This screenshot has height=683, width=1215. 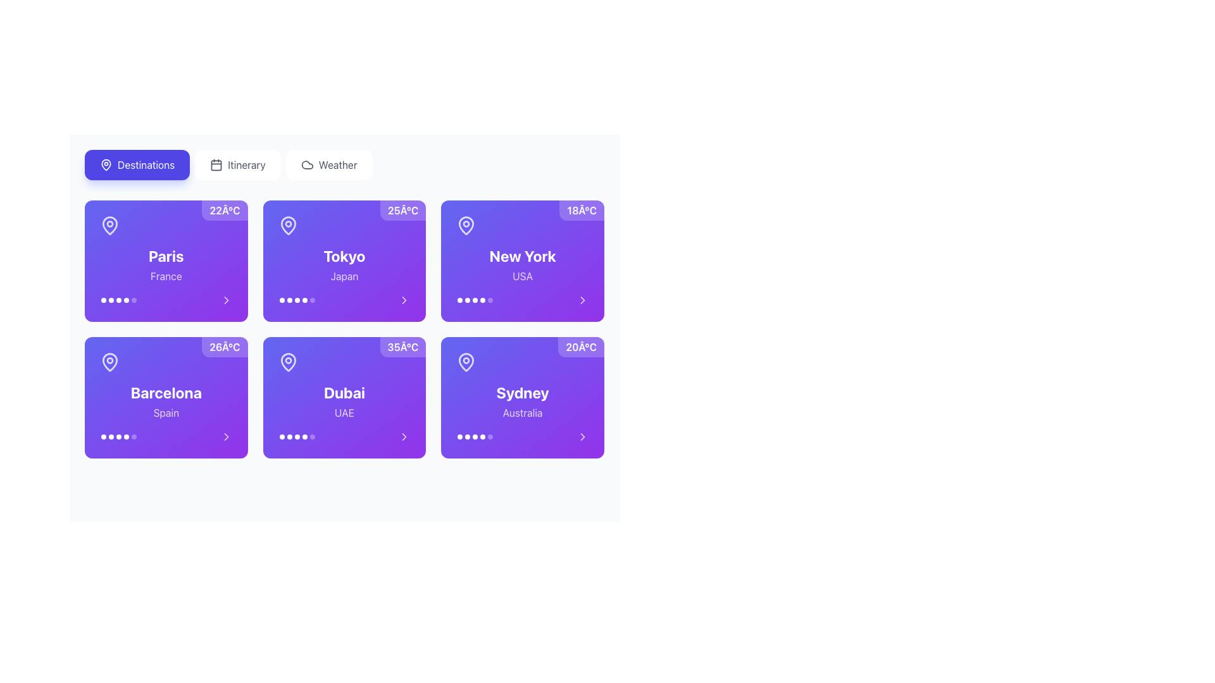 What do you see at coordinates (109, 225) in the screenshot?
I see `the context of the 'Paris' card by clicking on the pin-shaped icon located at the upper-left portion of the card displaying 'Paris' and '22°C'` at bounding box center [109, 225].